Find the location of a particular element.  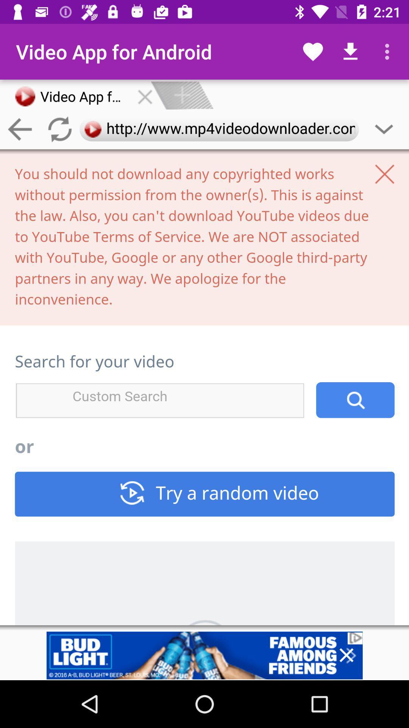

the close icon is located at coordinates (145, 95).